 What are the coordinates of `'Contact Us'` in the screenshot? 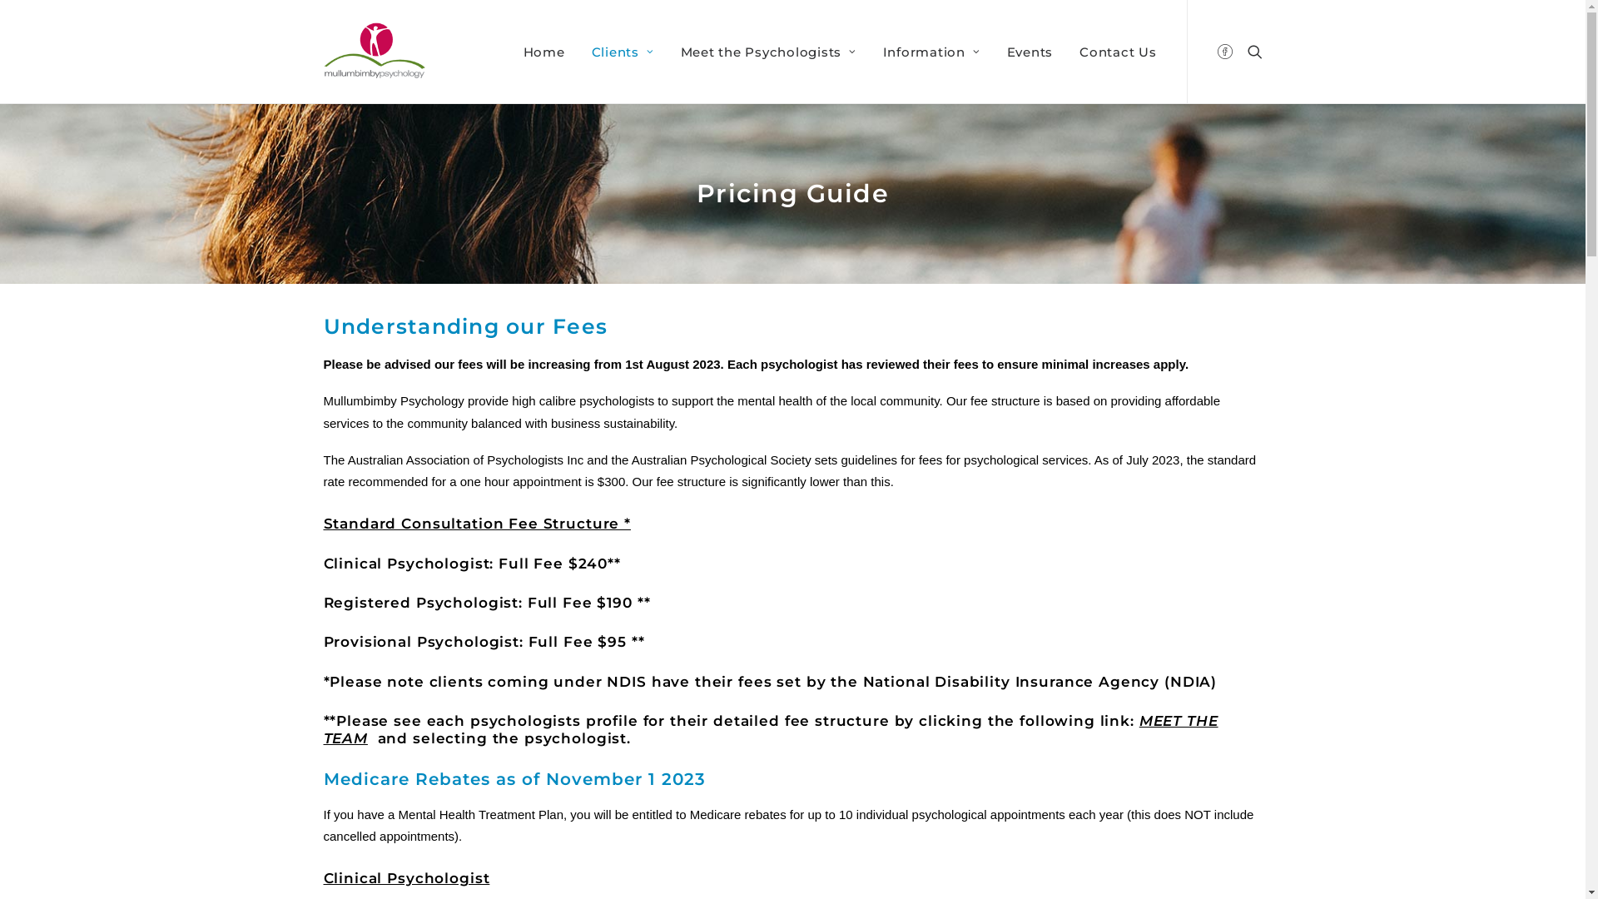 It's located at (1112, 50).